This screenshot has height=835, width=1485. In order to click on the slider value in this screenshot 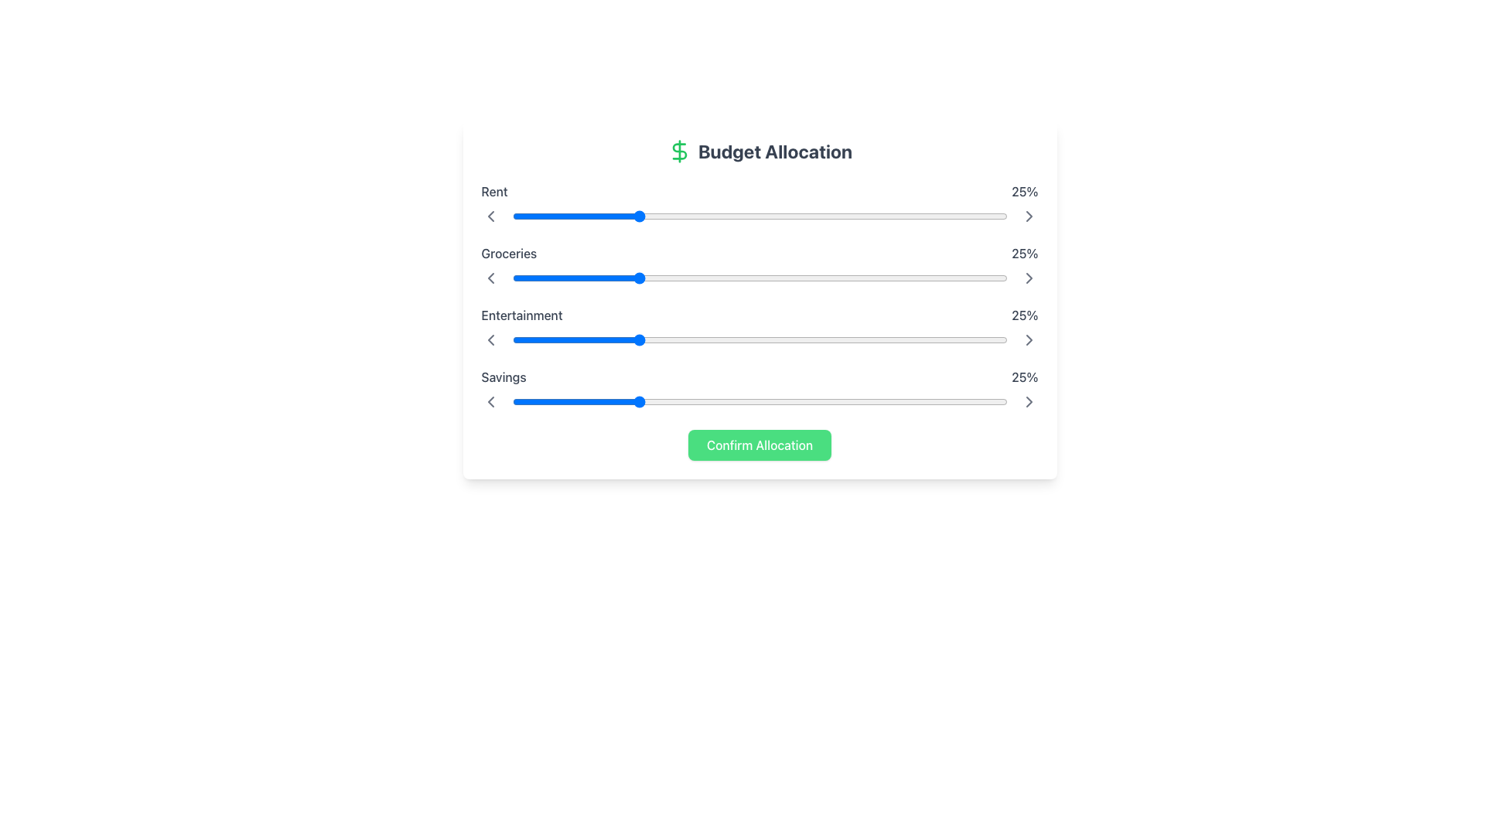, I will do `click(947, 339)`.